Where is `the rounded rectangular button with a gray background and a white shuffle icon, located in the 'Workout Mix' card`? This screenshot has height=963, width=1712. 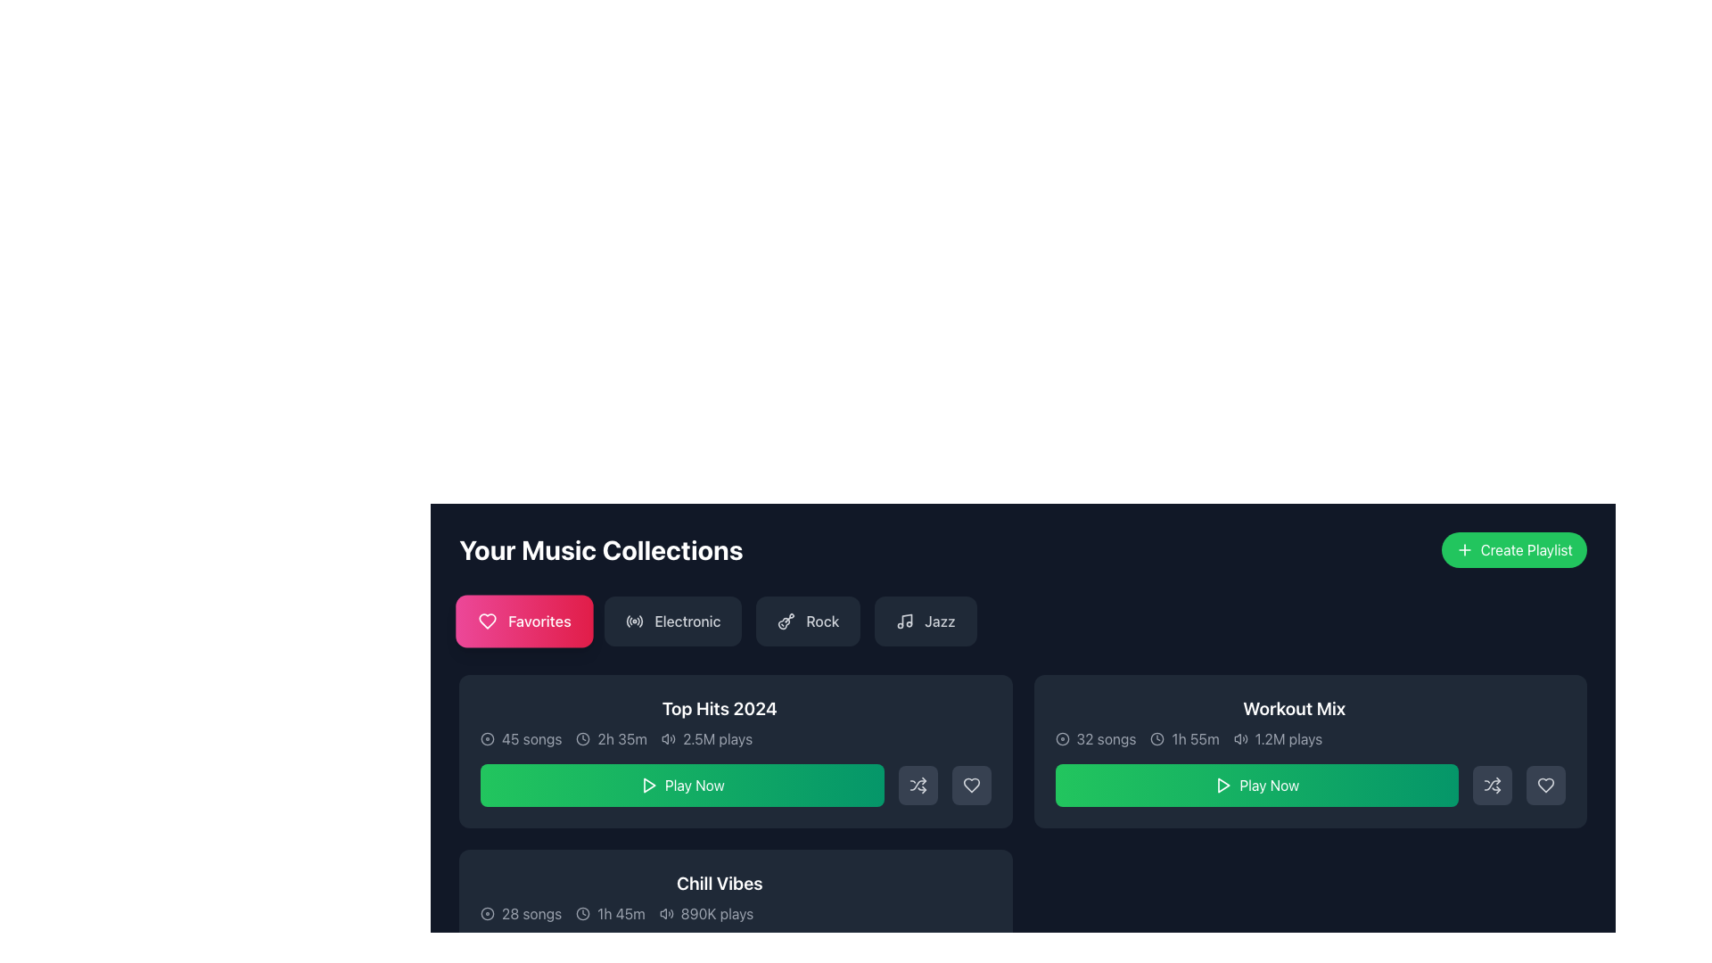 the rounded rectangular button with a gray background and a white shuffle icon, located in the 'Workout Mix' card is located at coordinates (1493, 784).